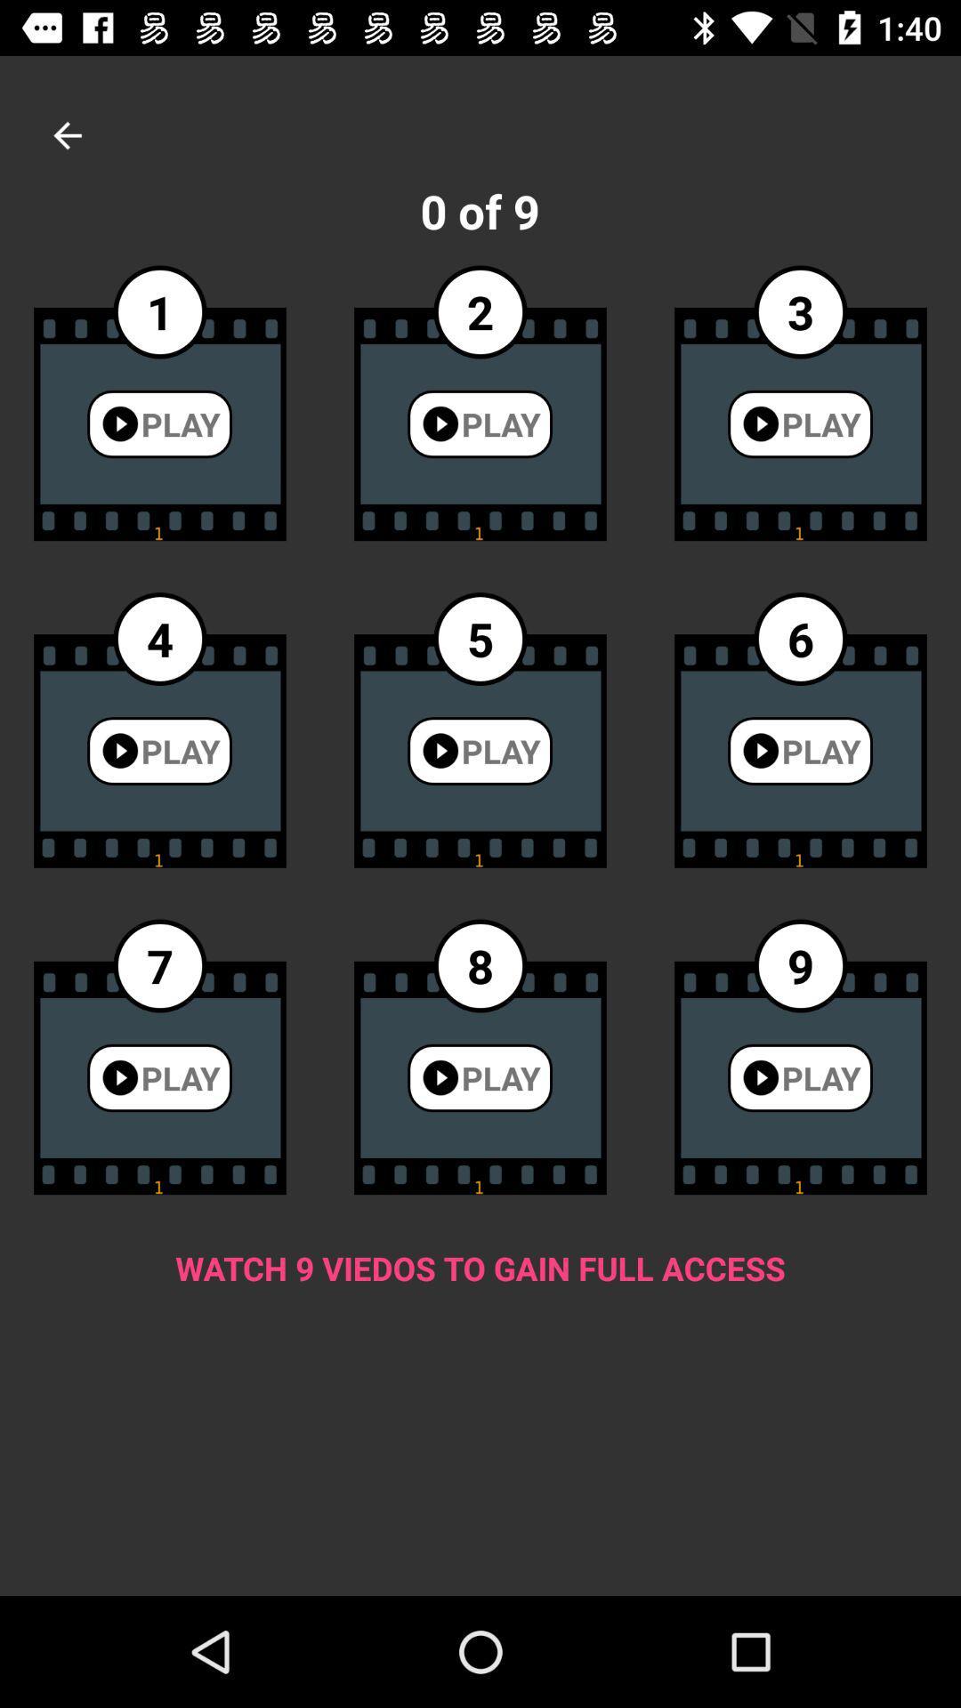 The image size is (961, 1708). I want to click on go back, so click(67, 134).